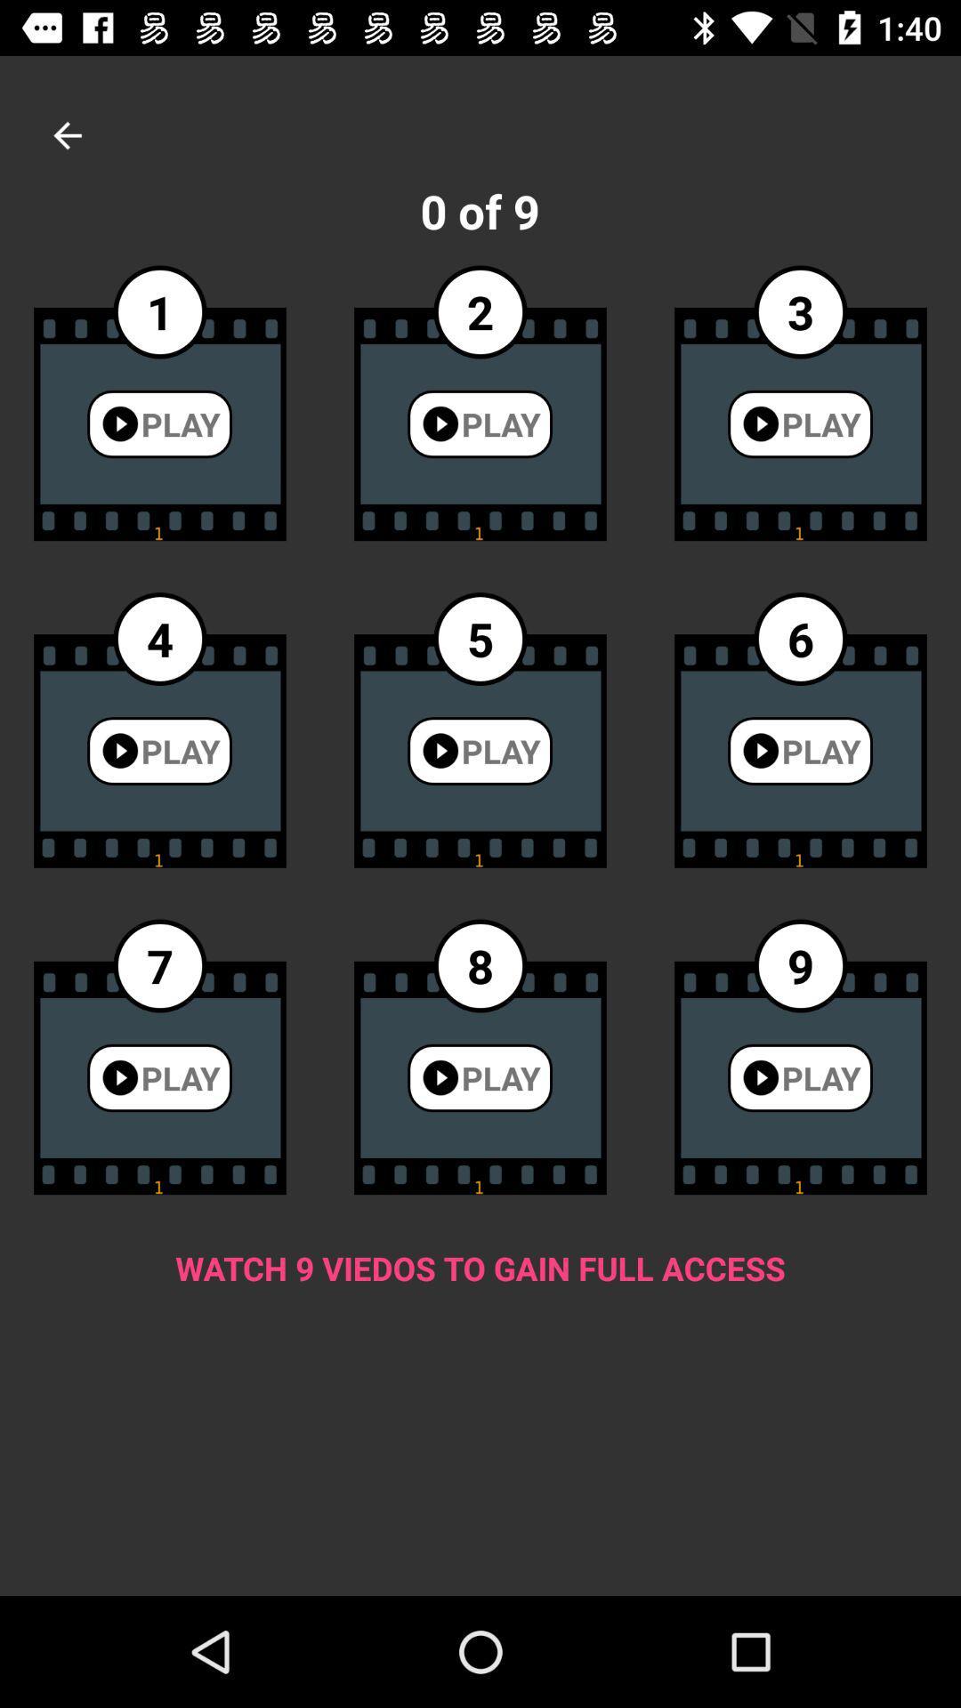 The image size is (961, 1708). I want to click on go back, so click(67, 134).